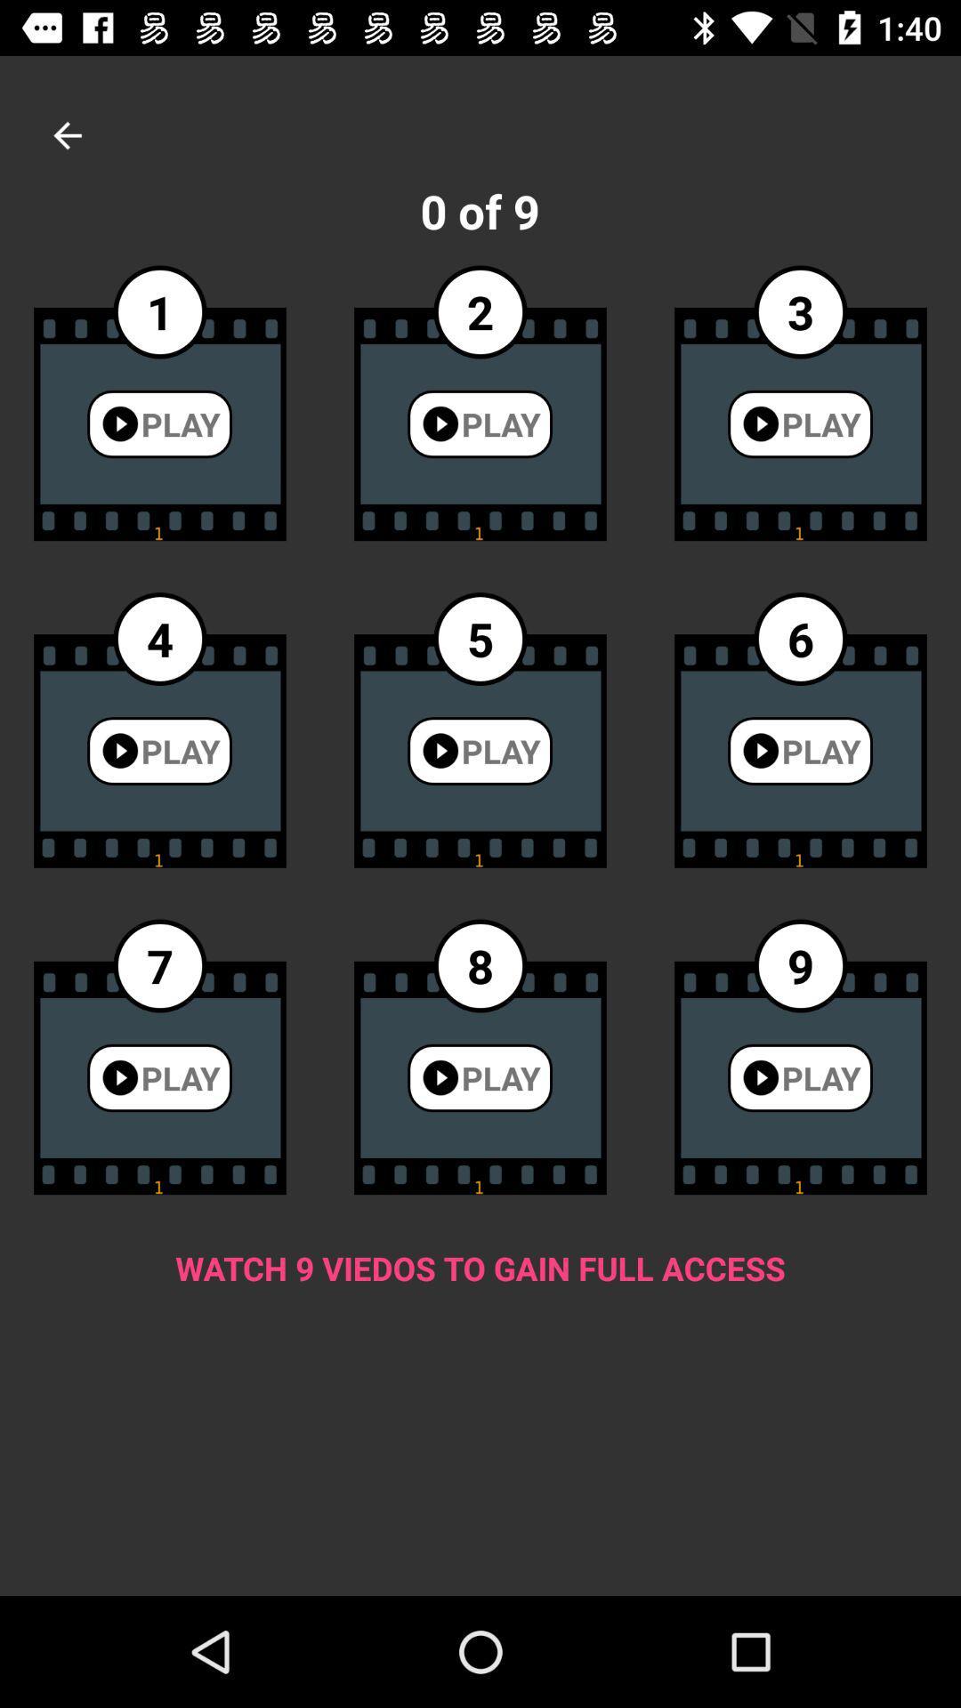 The image size is (961, 1708). I want to click on go back, so click(67, 134).